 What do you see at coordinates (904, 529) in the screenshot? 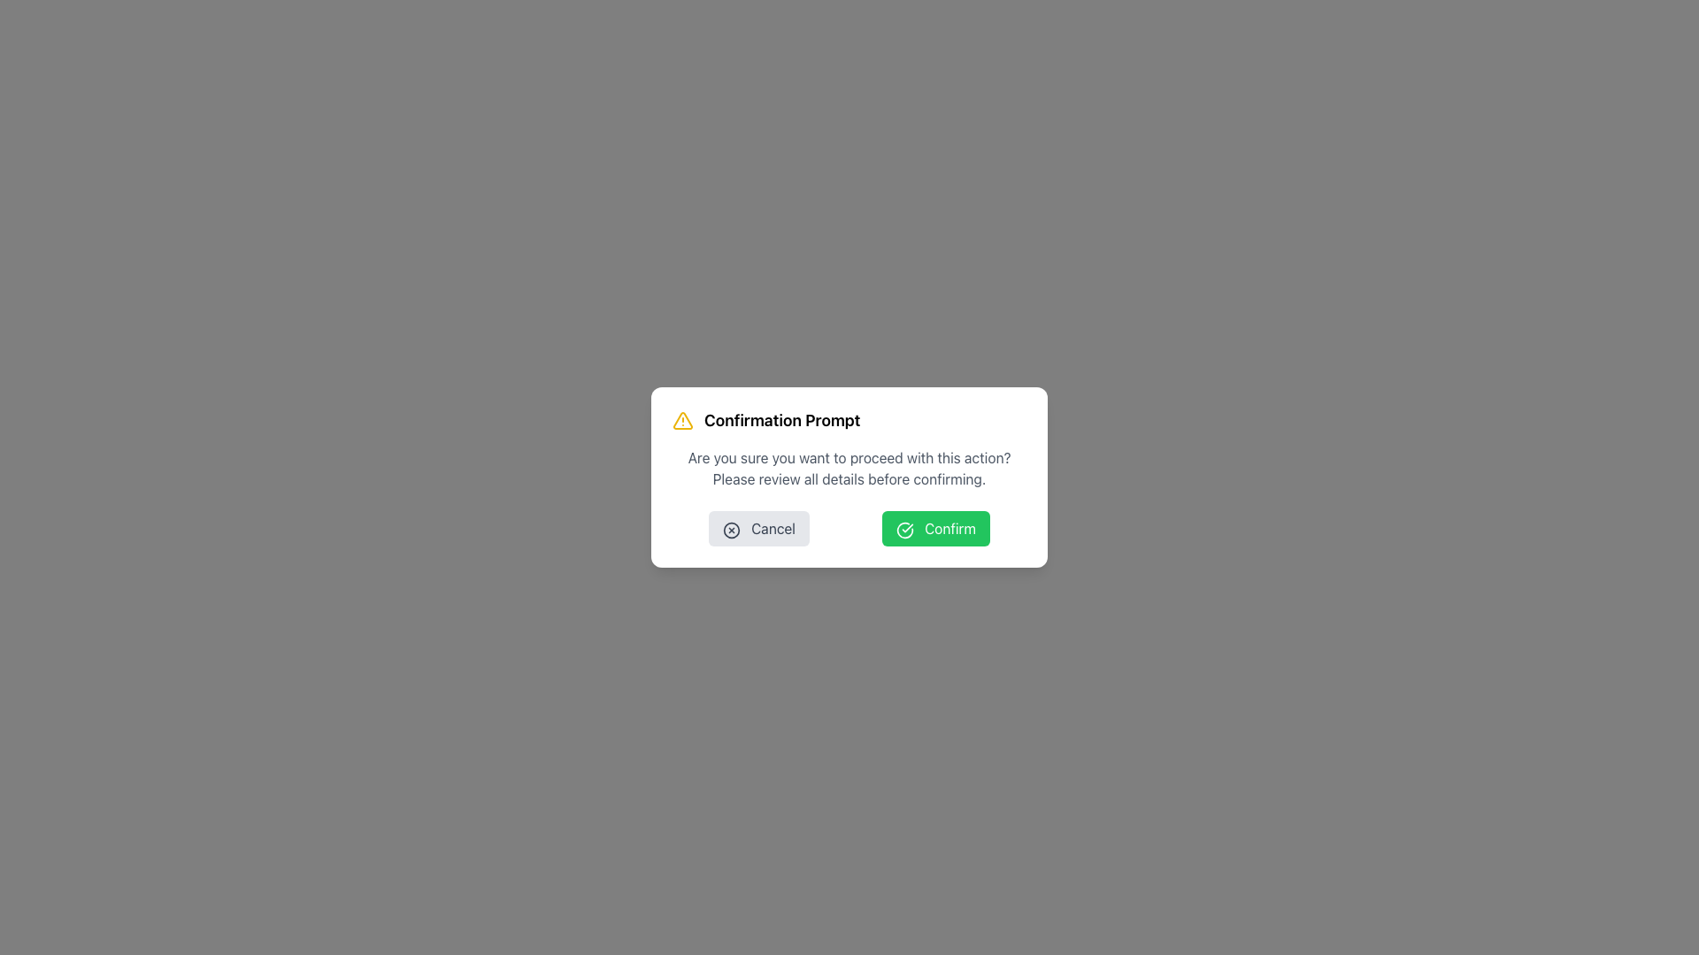
I see `the circular icon with a green border and check mark inside, located to the left of the 'Confirm' text in the green 'Confirm' button at the bottom-right of the modal dialog box` at bounding box center [904, 529].